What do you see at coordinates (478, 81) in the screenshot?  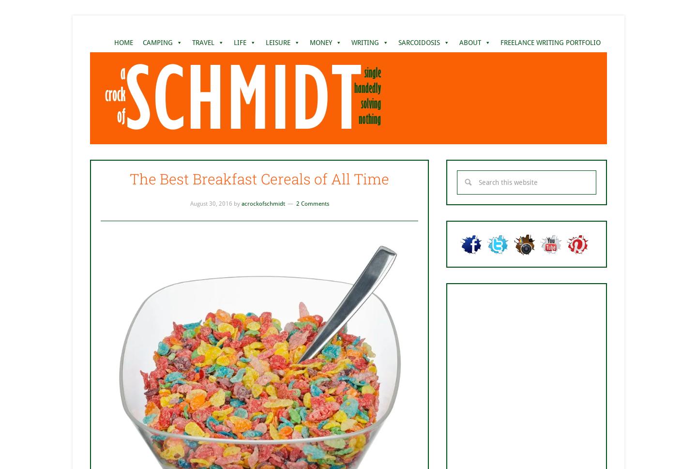 I see `'CONTACT ME'` at bounding box center [478, 81].